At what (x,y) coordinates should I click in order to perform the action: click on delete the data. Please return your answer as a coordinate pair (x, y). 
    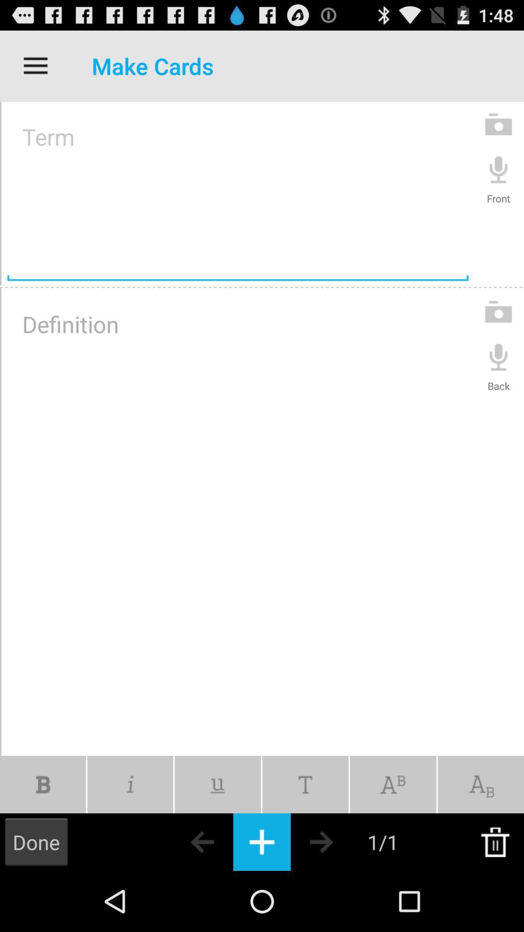
    Looking at the image, I should click on (495, 841).